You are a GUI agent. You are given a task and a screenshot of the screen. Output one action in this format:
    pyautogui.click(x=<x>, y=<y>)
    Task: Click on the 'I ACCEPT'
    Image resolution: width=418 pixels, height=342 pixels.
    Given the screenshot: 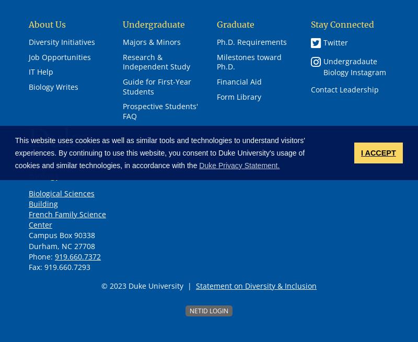 What is the action you would take?
    pyautogui.click(x=378, y=152)
    